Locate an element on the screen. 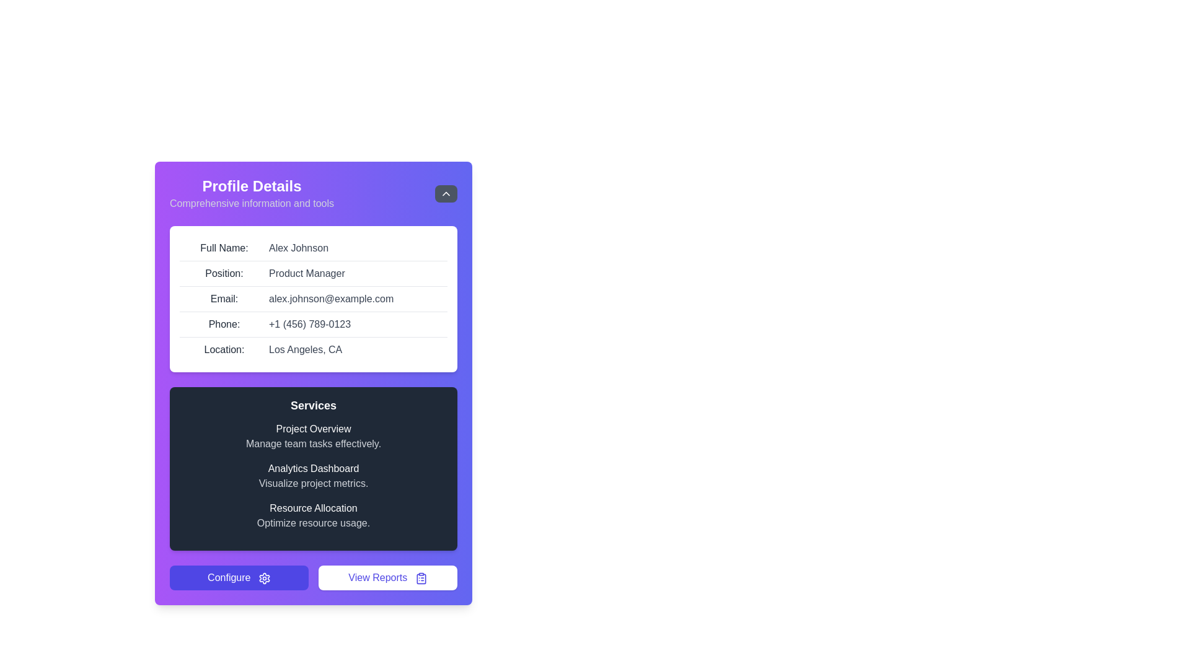  the text label displaying 'Comprehensive information and tools', which is located below the 'Profile Details' heading in the purple header area of the card is located at coordinates (251, 203).